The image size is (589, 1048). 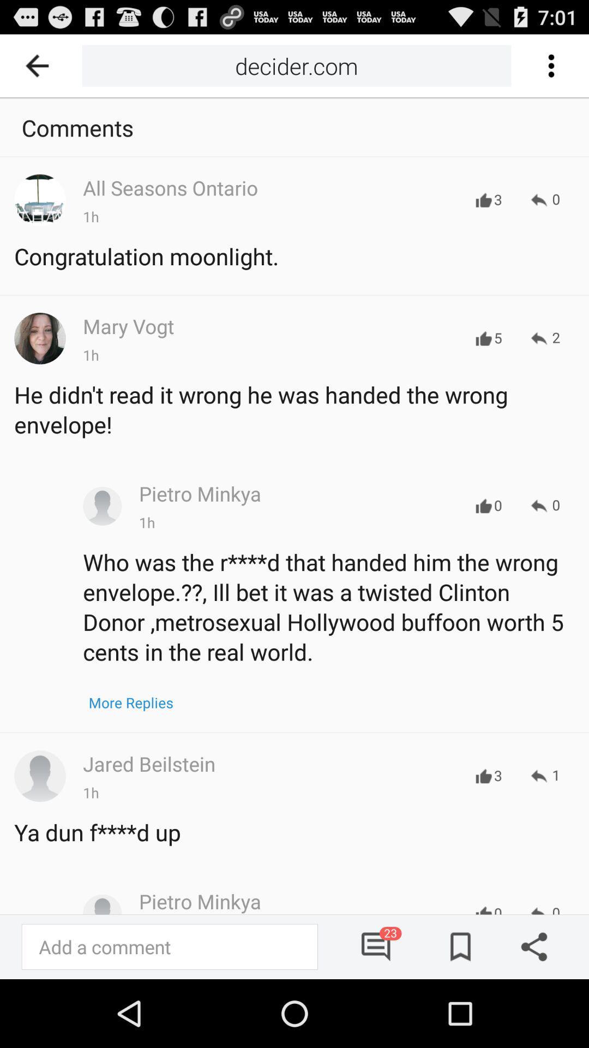 What do you see at coordinates (545, 338) in the screenshot?
I see `the icon above he didn t item` at bounding box center [545, 338].